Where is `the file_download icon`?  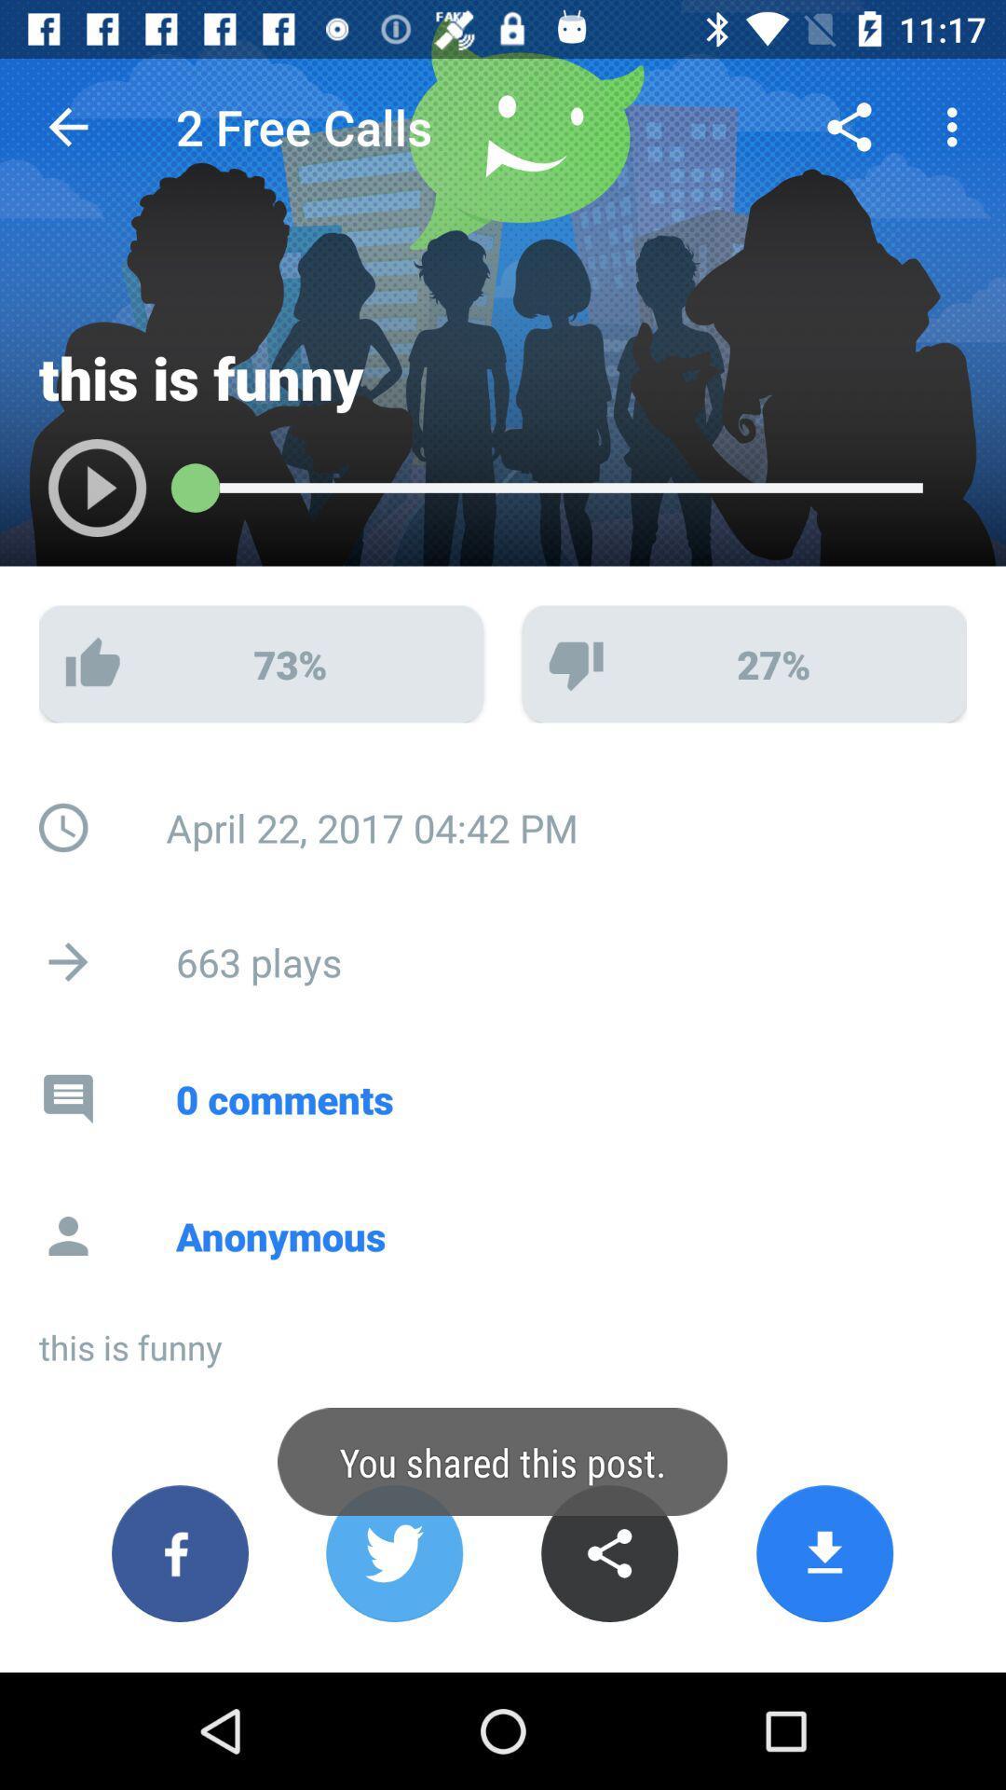 the file_download icon is located at coordinates (823, 1553).